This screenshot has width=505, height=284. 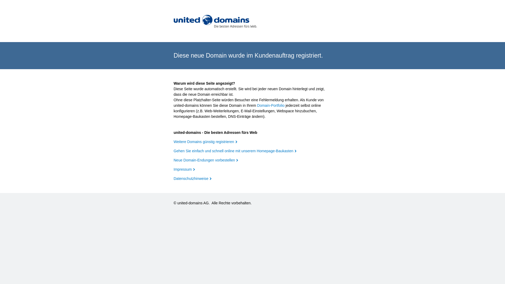 What do you see at coordinates (205, 160) in the screenshot?
I see `'Neue Domain-Endungen vorbestellen'` at bounding box center [205, 160].